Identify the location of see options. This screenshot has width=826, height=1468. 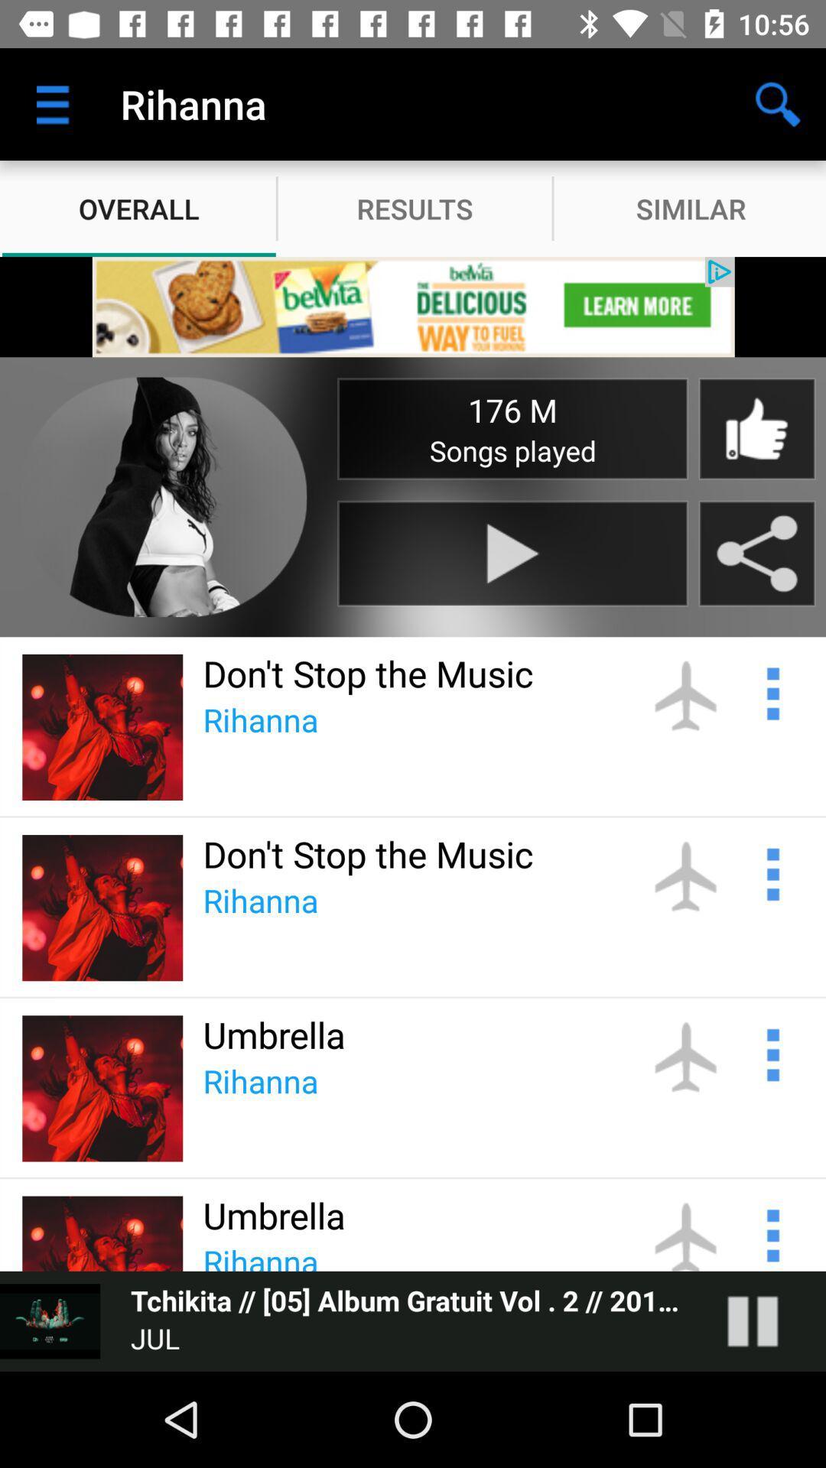
(771, 1233).